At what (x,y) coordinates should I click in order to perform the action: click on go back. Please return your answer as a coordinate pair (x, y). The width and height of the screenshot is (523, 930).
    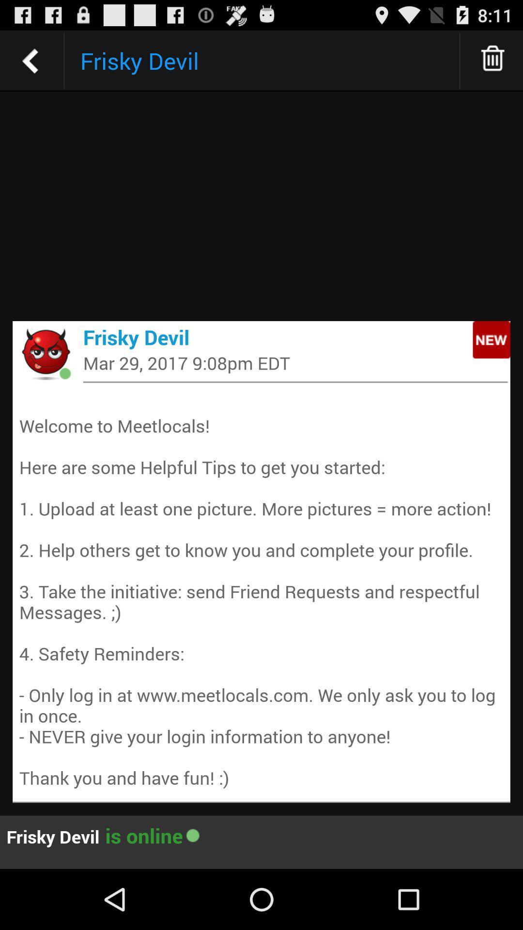
    Looking at the image, I should click on (30, 60).